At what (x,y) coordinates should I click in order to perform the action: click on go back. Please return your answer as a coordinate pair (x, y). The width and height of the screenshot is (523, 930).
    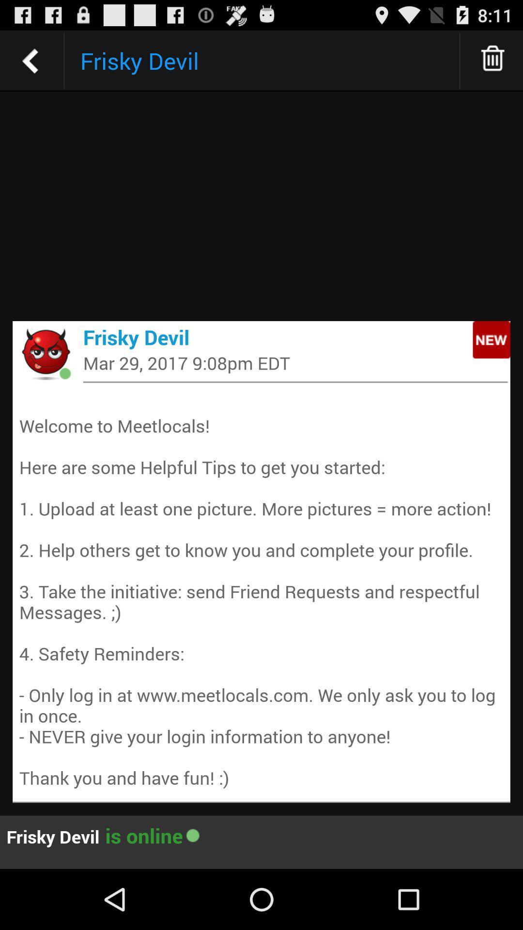
    Looking at the image, I should click on (30, 60).